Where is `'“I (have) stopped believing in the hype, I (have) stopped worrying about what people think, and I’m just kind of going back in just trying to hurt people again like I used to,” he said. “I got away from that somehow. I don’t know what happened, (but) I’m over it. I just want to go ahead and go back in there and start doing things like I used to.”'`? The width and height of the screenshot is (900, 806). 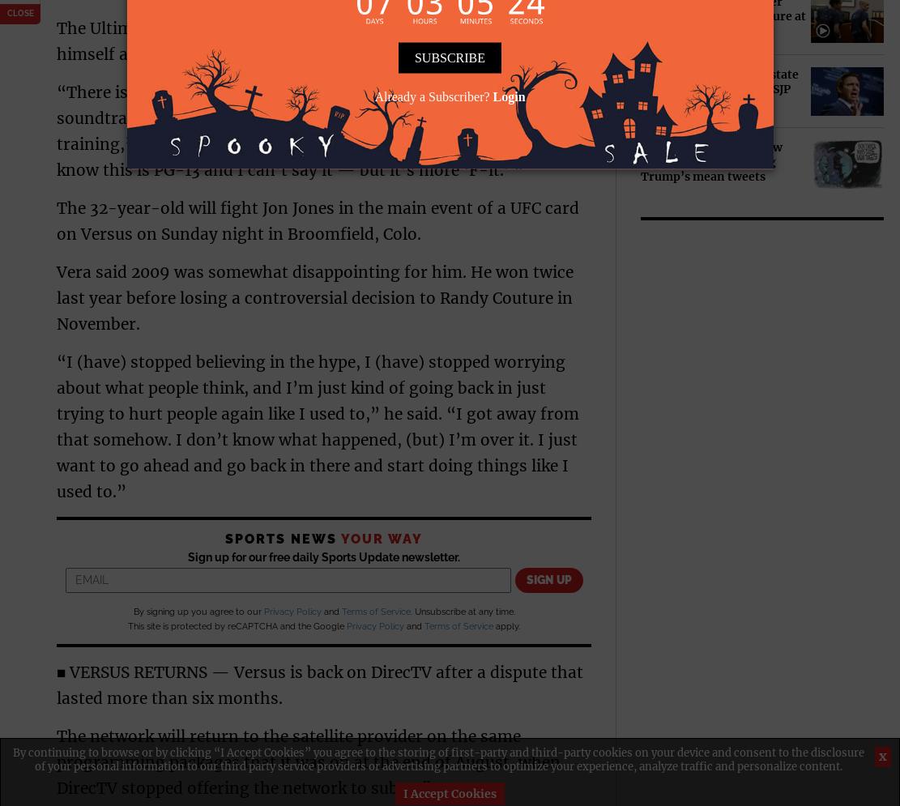 '“I (have) stopped believing in the hype, I (have) stopped worrying about what people think, and I’m just kind of going back in just trying to hurt people again like I used to,” he said. “I got away from that somehow. I don’t know what happened, (but) I’m over it. I just want to go ahead and go back in there and start doing things like I used to.”' is located at coordinates (318, 424).